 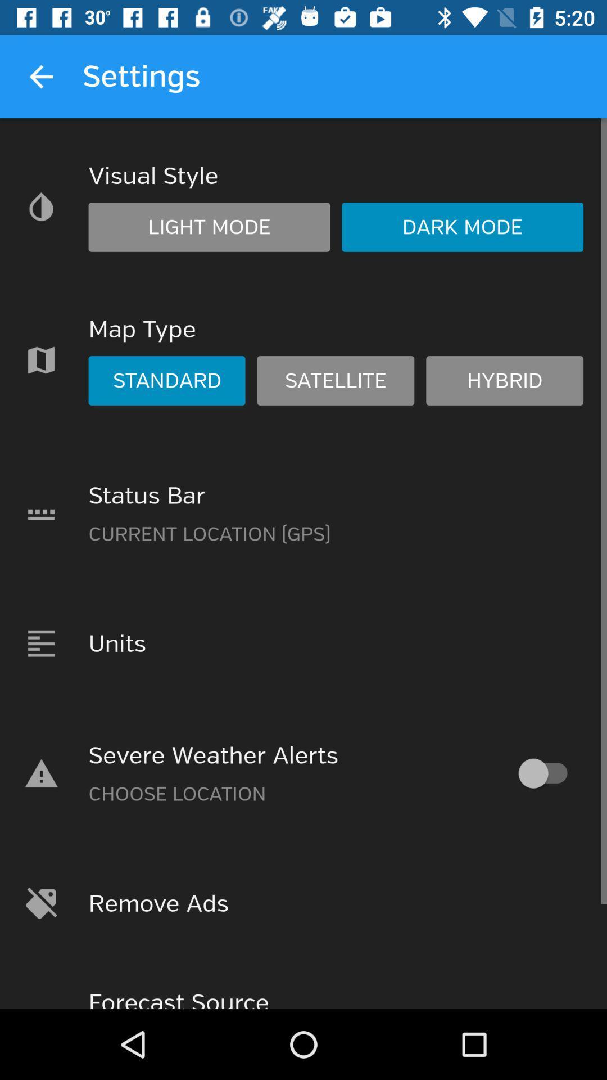 What do you see at coordinates (547, 773) in the screenshot?
I see `the onoff icon beside severe weather alerts` at bounding box center [547, 773].